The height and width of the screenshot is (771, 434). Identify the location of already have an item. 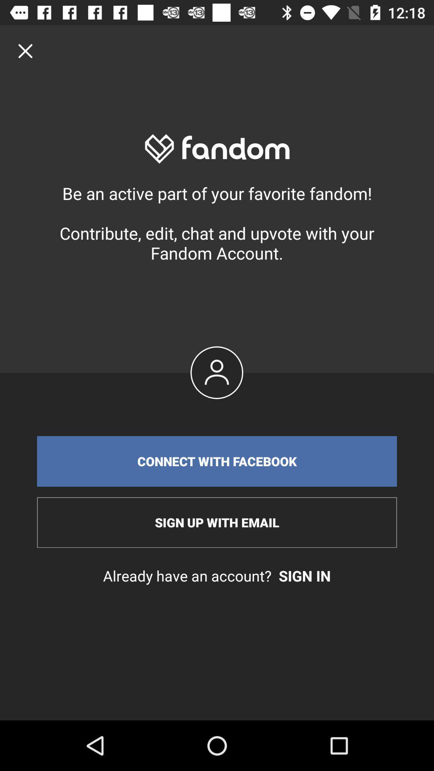
(217, 575).